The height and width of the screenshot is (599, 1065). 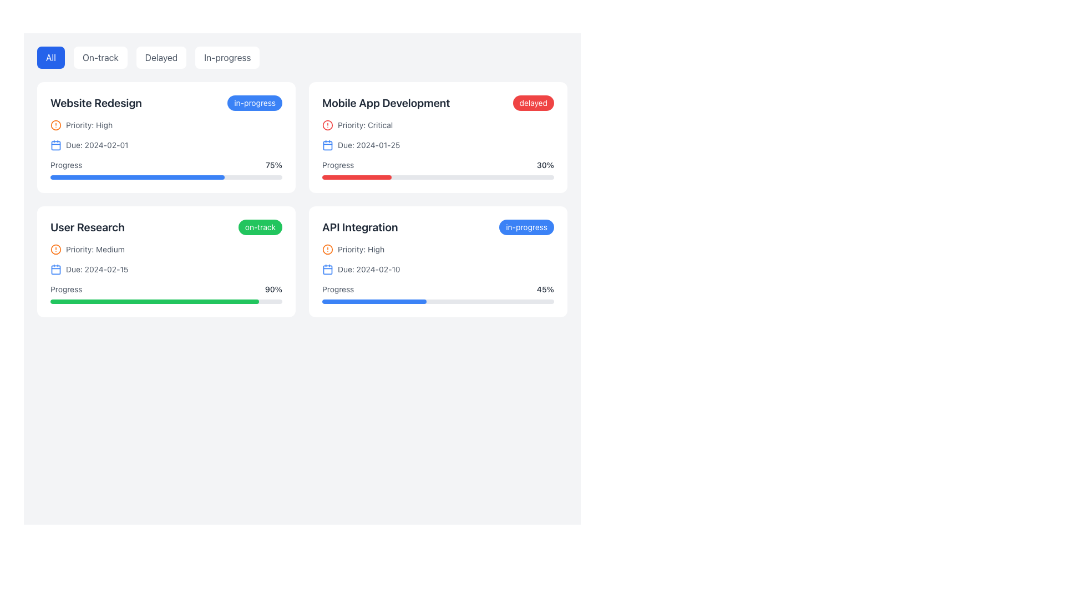 I want to click on the progress value displayed beside the progress bar located at the bottom of the 'API Integration' card, so click(x=438, y=293).